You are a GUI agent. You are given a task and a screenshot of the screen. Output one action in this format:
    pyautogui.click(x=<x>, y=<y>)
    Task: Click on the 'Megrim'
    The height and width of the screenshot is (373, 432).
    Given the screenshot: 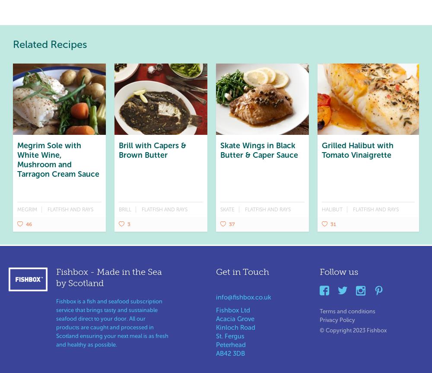 What is the action you would take?
    pyautogui.click(x=27, y=208)
    